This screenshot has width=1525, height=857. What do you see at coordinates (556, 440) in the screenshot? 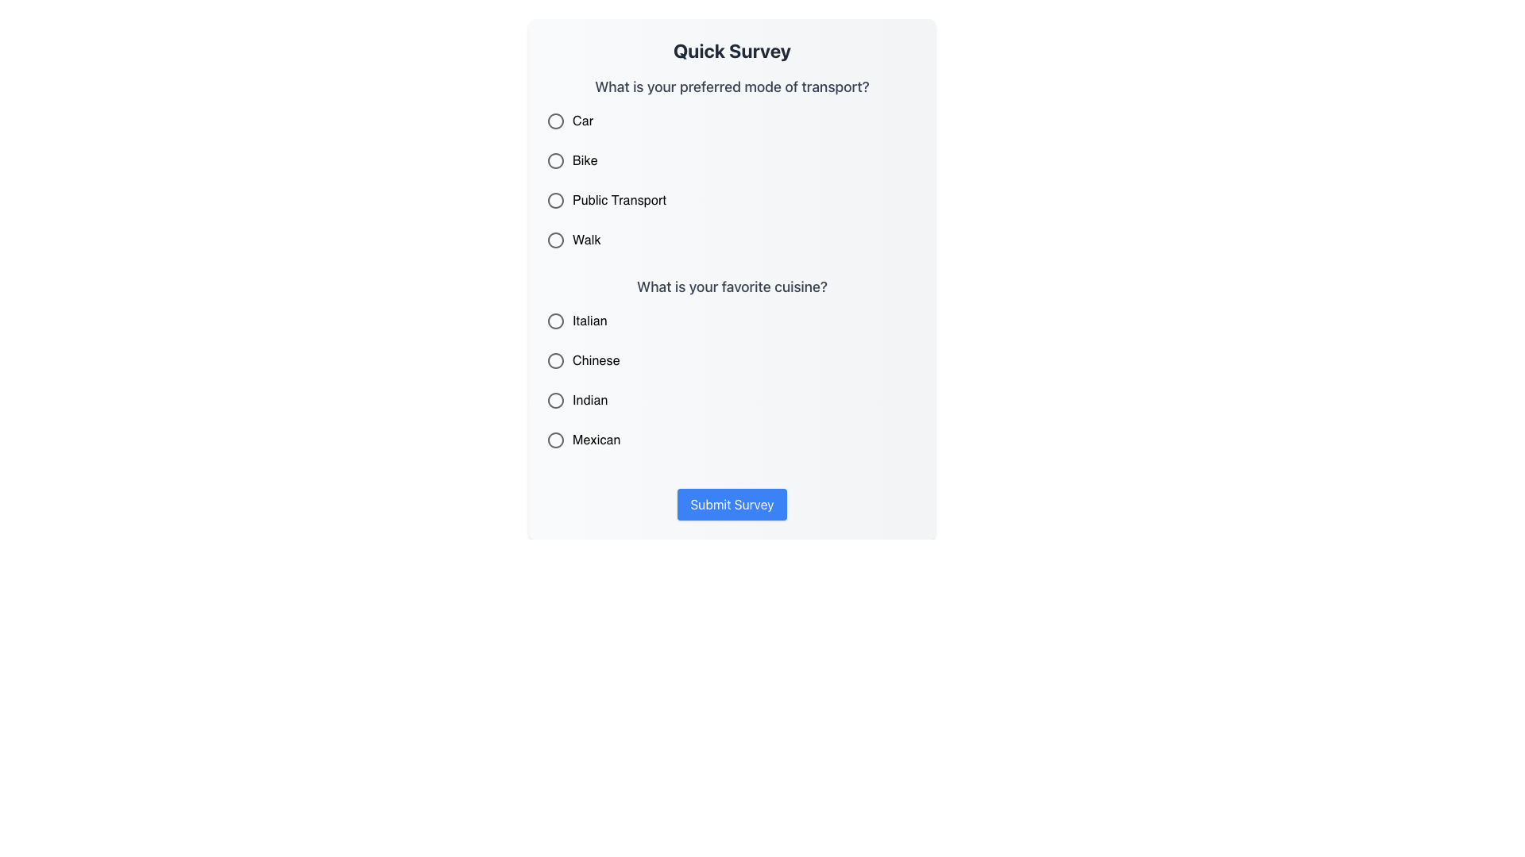
I see `the circular radio button styled in light gray with a black border and a filled black dot at its center, located next to the text label 'Mexican'` at bounding box center [556, 440].